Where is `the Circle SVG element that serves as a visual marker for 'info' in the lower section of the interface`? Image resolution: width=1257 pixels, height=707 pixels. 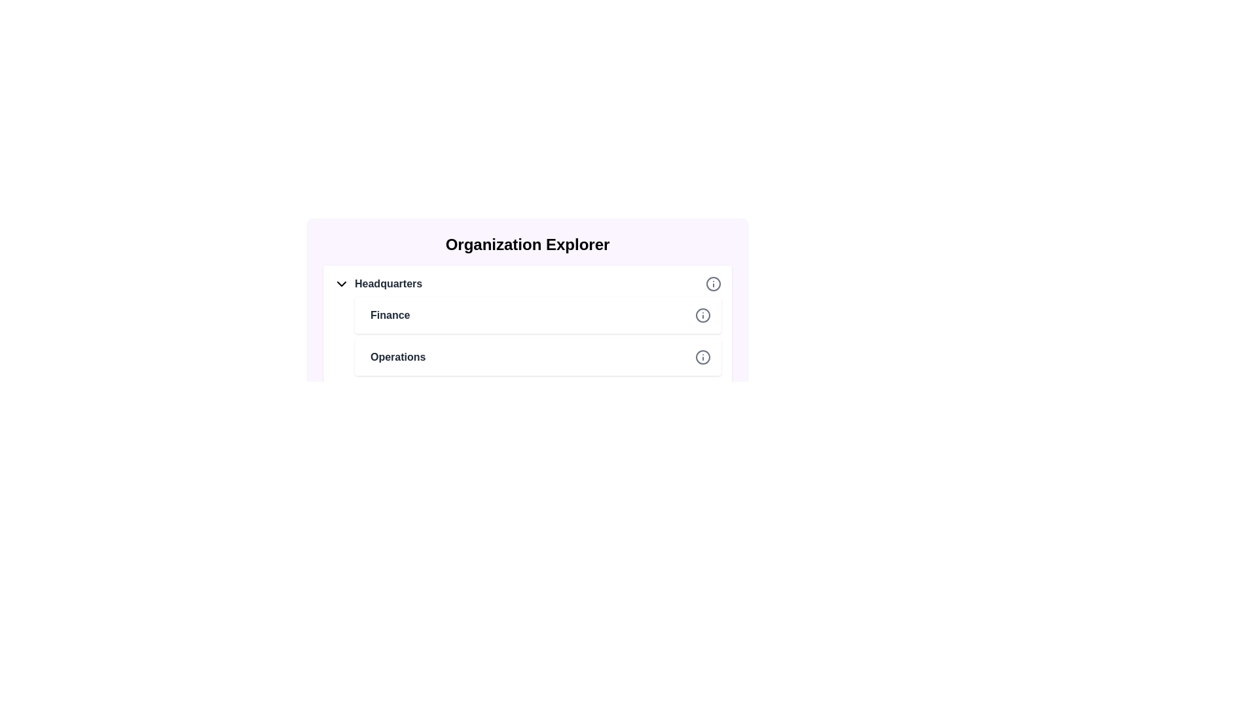
the Circle SVG element that serves as a visual marker for 'info' in the lower section of the interface is located at coordinates (712, 408).